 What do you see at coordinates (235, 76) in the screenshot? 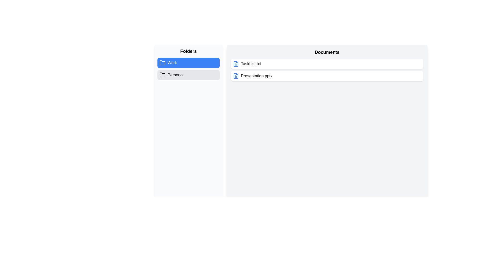
I see `the small blue file icon located to the left of the text 'Presentation.pptx' in the Documents section` at bounding box center [235, 76].